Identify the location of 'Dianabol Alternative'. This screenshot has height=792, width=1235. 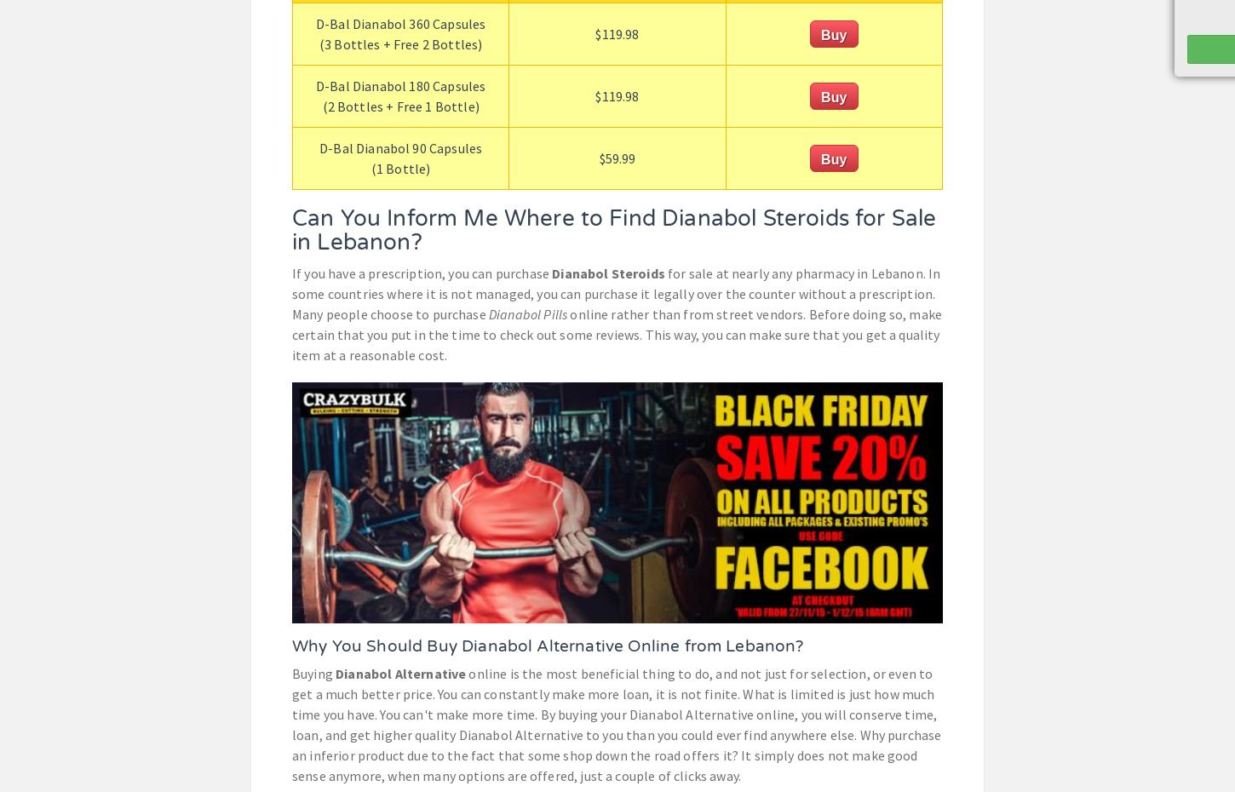
(399, 672).